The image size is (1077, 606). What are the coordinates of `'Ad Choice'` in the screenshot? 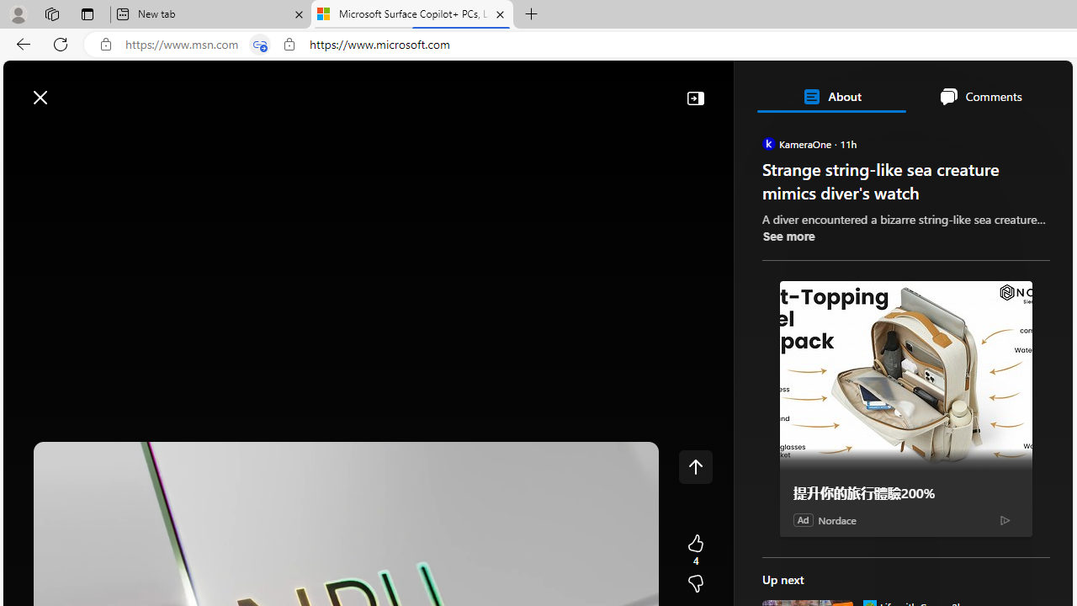 It's located at (1005, 518).